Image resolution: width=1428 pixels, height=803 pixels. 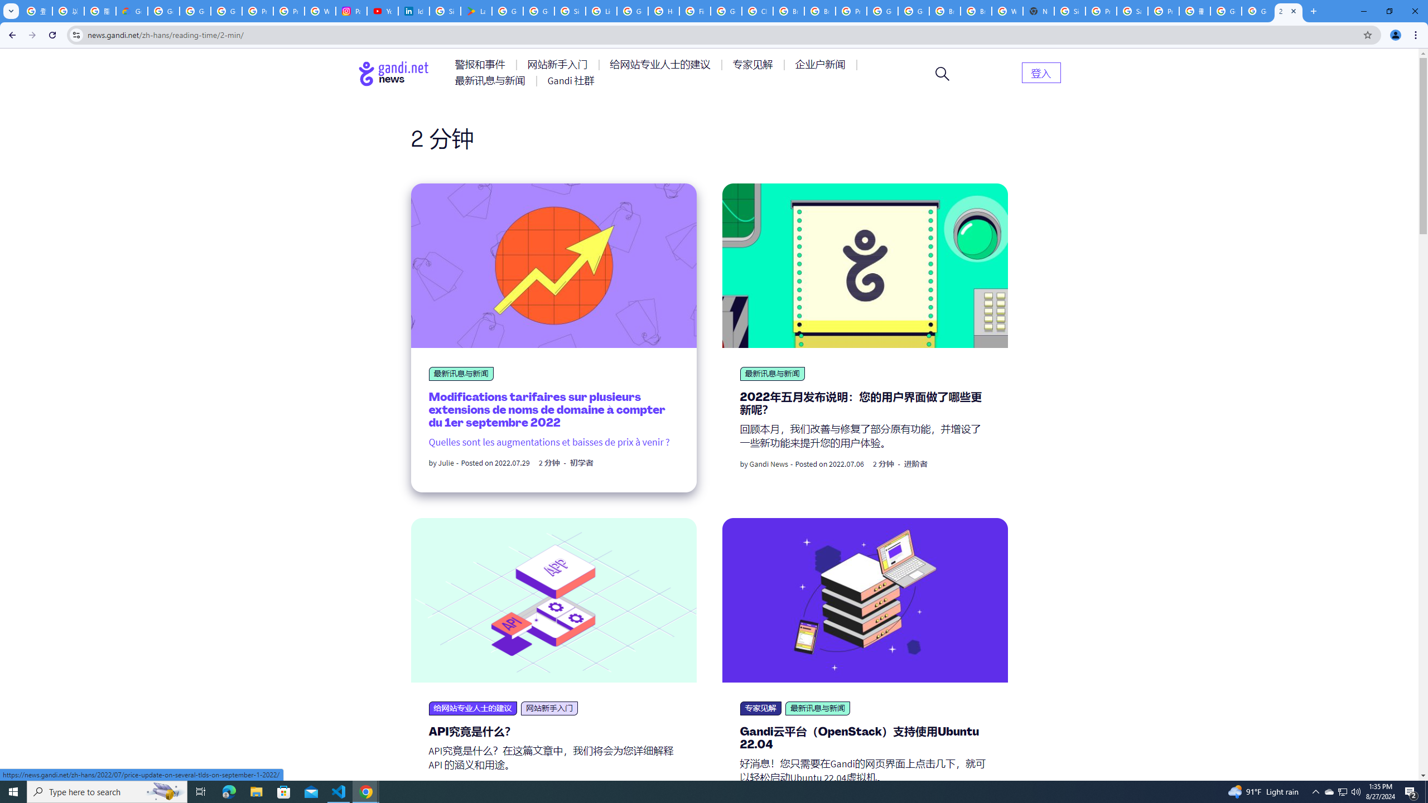 What do you see at coordinates (663, 11) in the screenshot?
I see `'How do I create a new Google Account? - Google Account Help'` at bounding box center [663, 11].